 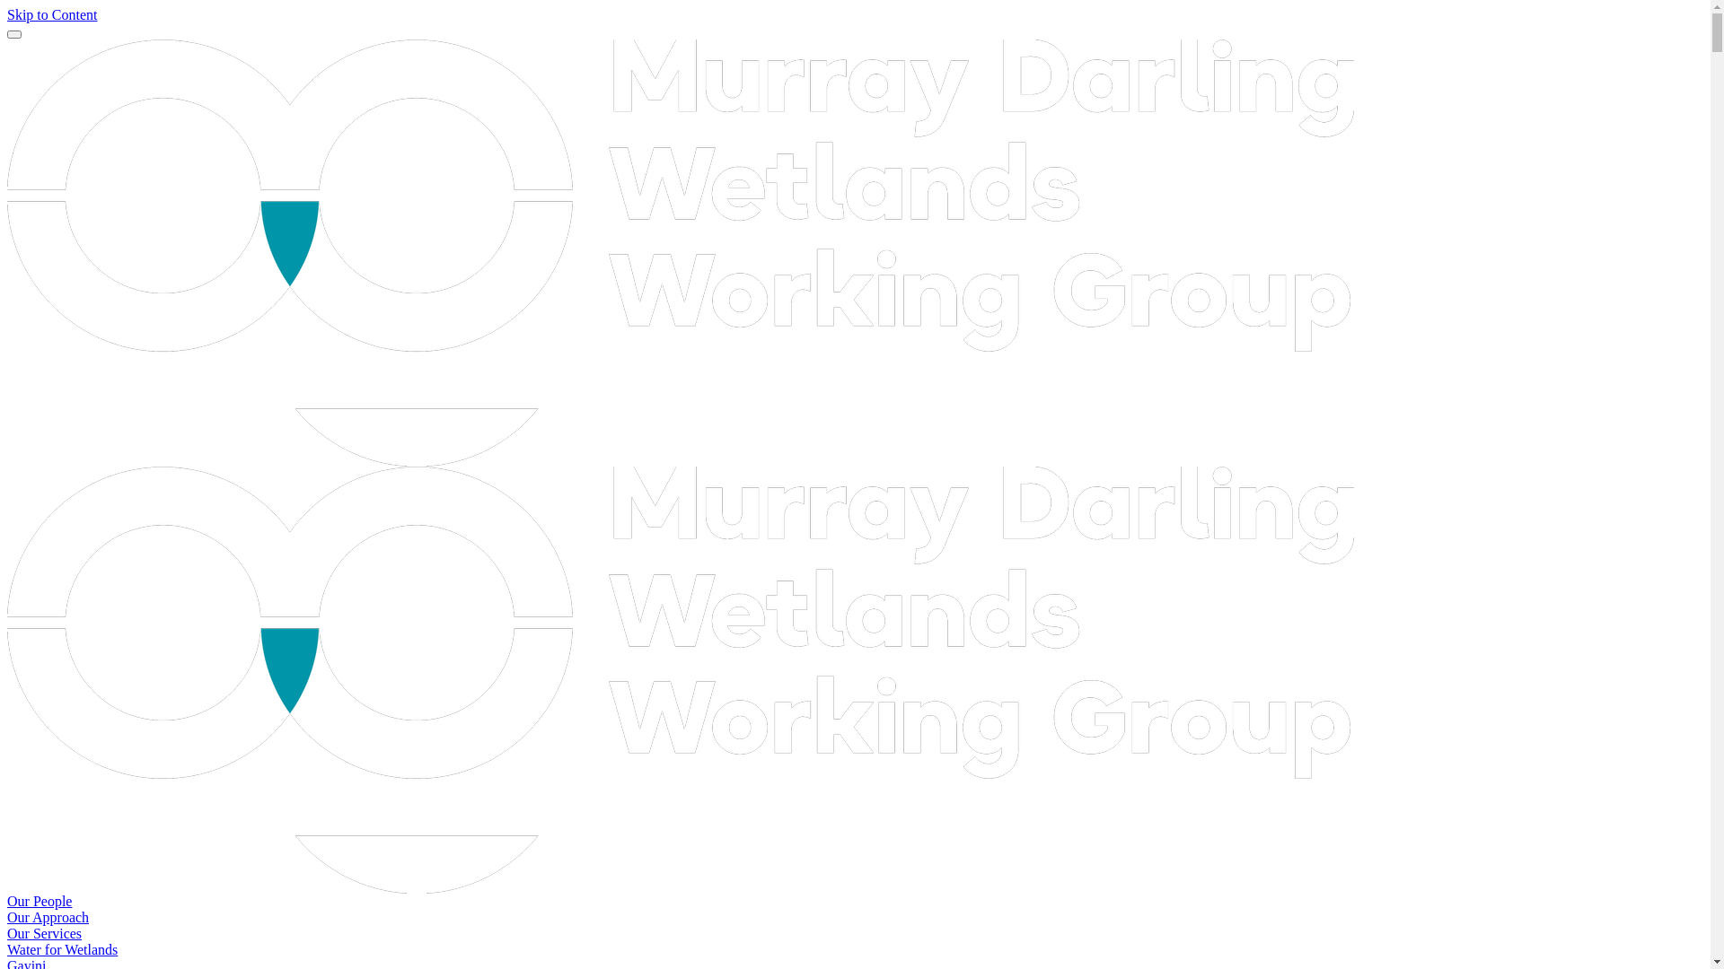 What do you see at coordinates (7, 948) in the screenshot?
I see `'Water for Wetlands'` at bounding box center [7, 948].